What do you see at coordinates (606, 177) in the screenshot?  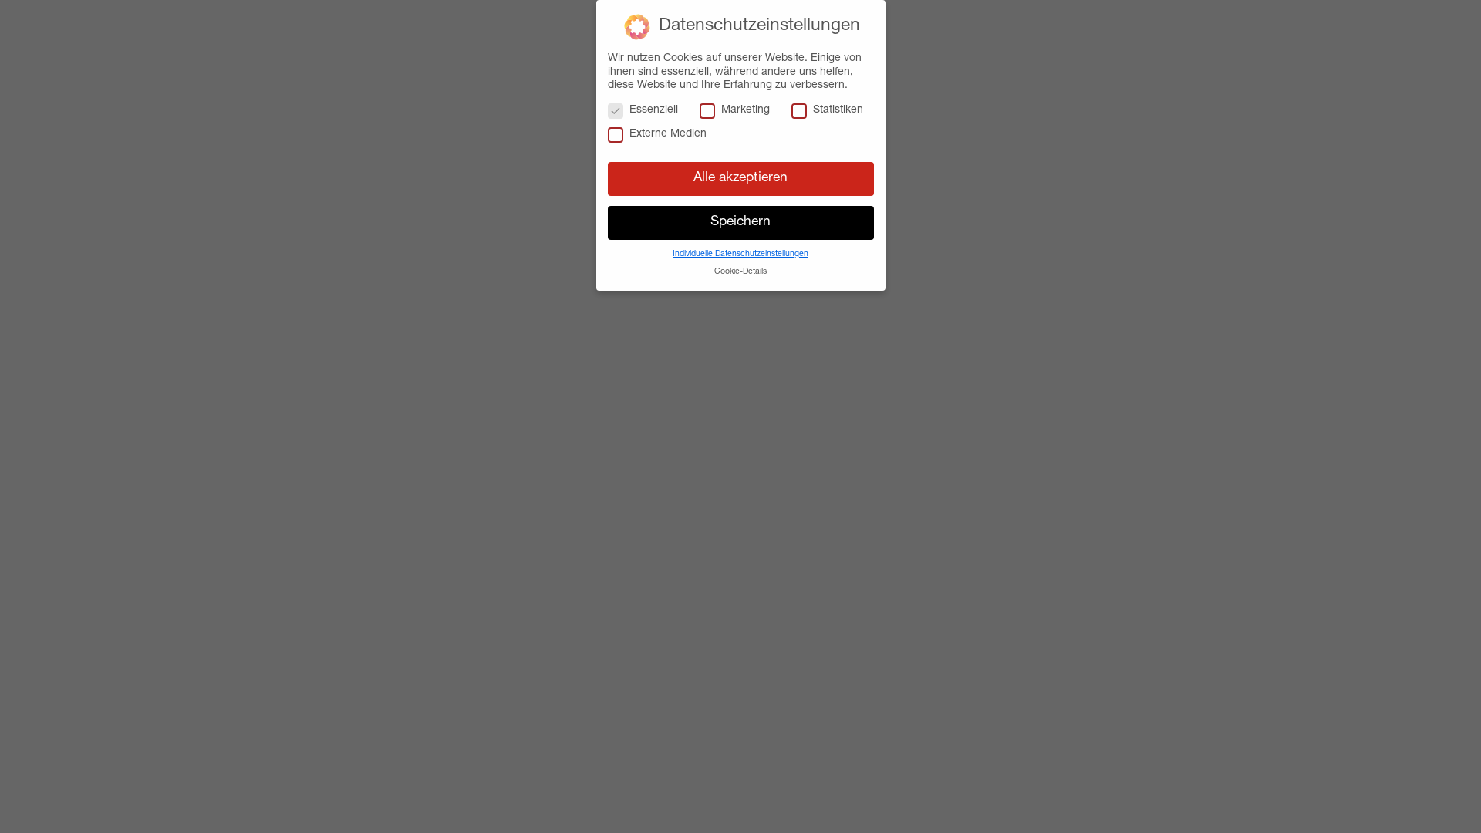 I see `'Alle akzeptieren'` at bounding box center [606, 177].